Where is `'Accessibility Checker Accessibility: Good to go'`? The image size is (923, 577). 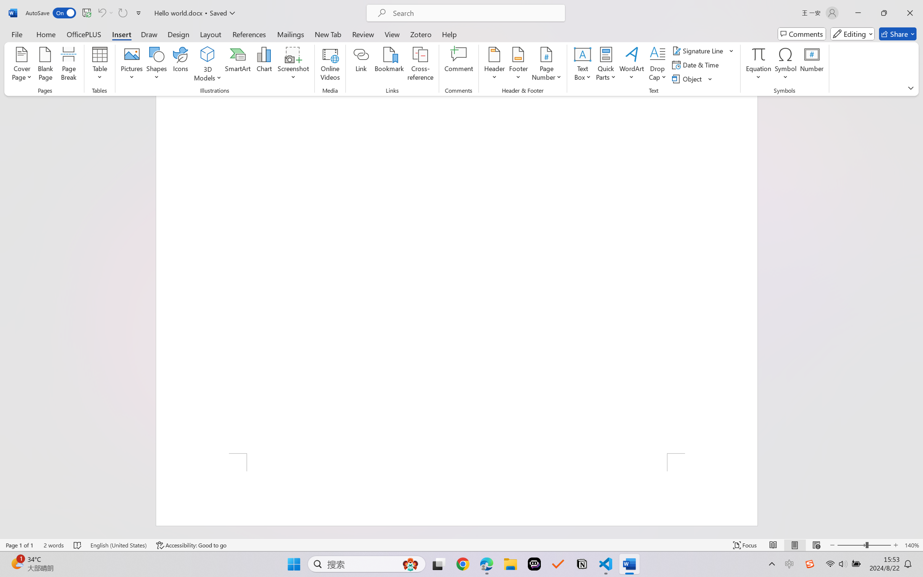 'Accessibility Checker Accessibility: Good to go' is located at coordinates (191, 545).